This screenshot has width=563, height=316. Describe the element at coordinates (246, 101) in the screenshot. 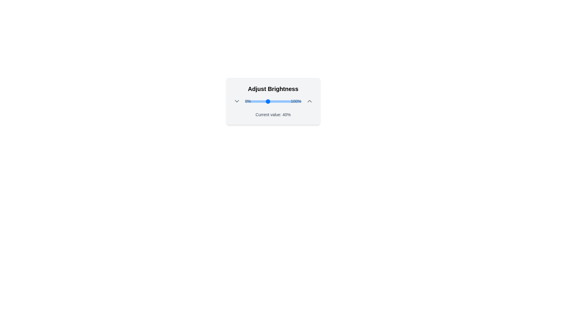

I see `brightness level` at that location.